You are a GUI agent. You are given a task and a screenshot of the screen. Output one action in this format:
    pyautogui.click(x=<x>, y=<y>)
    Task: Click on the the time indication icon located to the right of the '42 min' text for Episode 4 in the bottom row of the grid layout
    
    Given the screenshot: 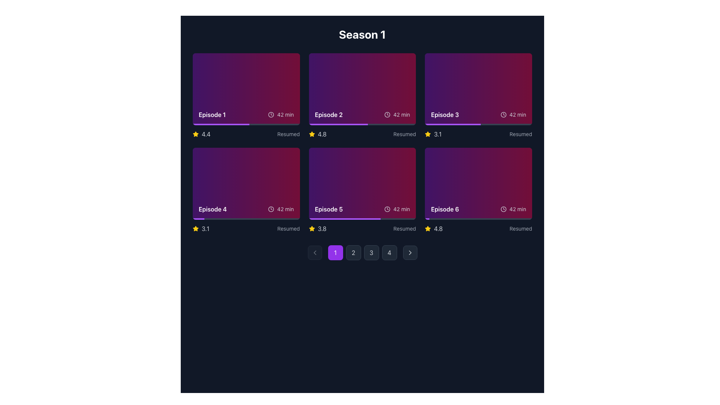 What is the action you would take?
    pyautogui.click(x=271, y=209)
    